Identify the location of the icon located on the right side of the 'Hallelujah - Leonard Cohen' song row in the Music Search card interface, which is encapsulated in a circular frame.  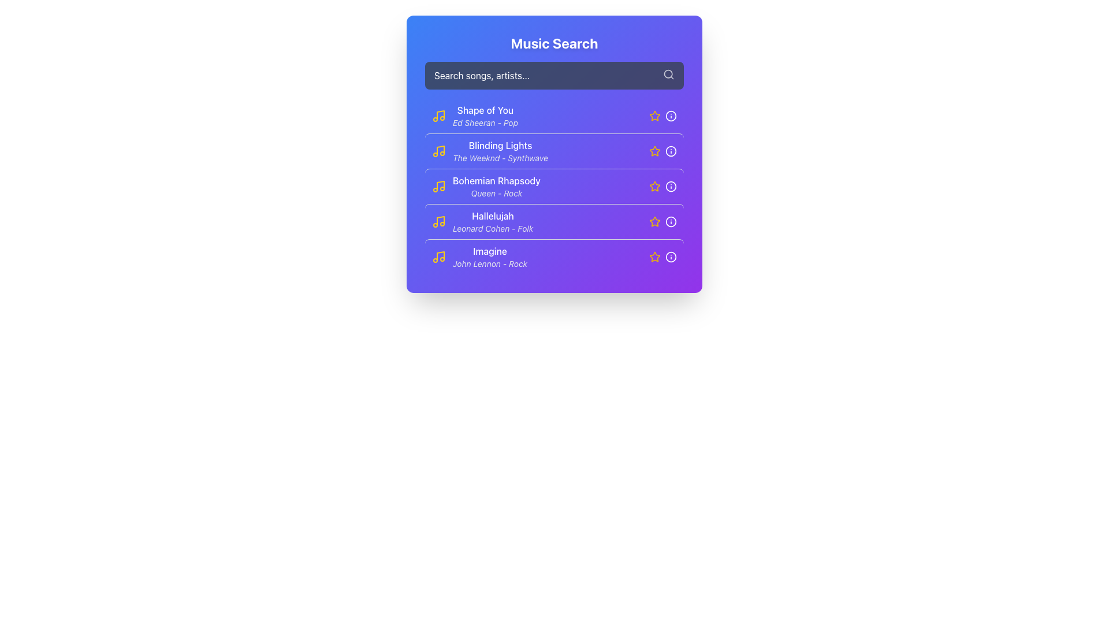
(671, 222).